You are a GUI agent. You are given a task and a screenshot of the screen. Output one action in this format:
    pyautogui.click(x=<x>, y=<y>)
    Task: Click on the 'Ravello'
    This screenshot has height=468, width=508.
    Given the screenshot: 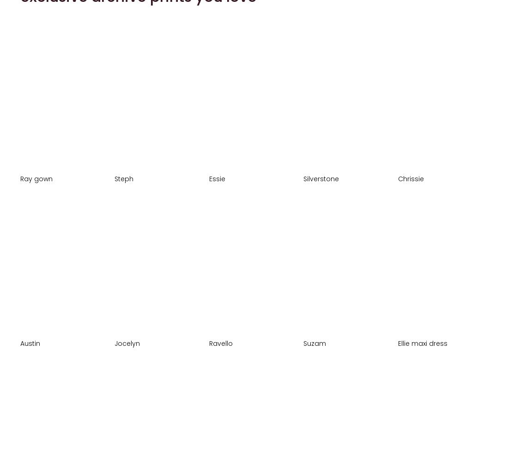 What is the action you would take?
    pyautogui.click(x=220, y=342)
    